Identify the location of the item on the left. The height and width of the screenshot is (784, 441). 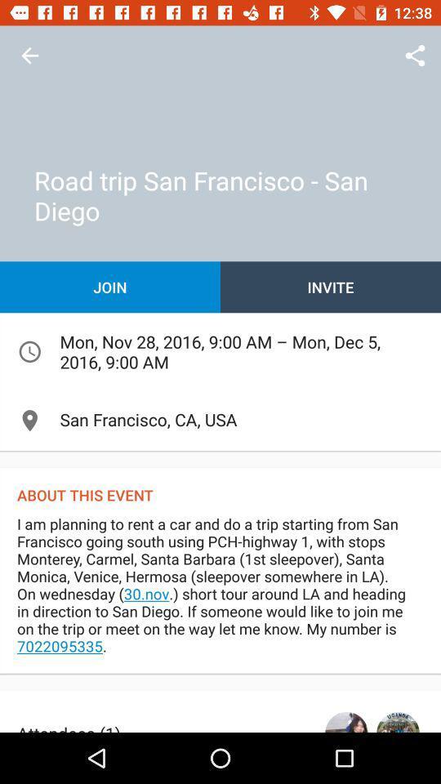
(110, 287).